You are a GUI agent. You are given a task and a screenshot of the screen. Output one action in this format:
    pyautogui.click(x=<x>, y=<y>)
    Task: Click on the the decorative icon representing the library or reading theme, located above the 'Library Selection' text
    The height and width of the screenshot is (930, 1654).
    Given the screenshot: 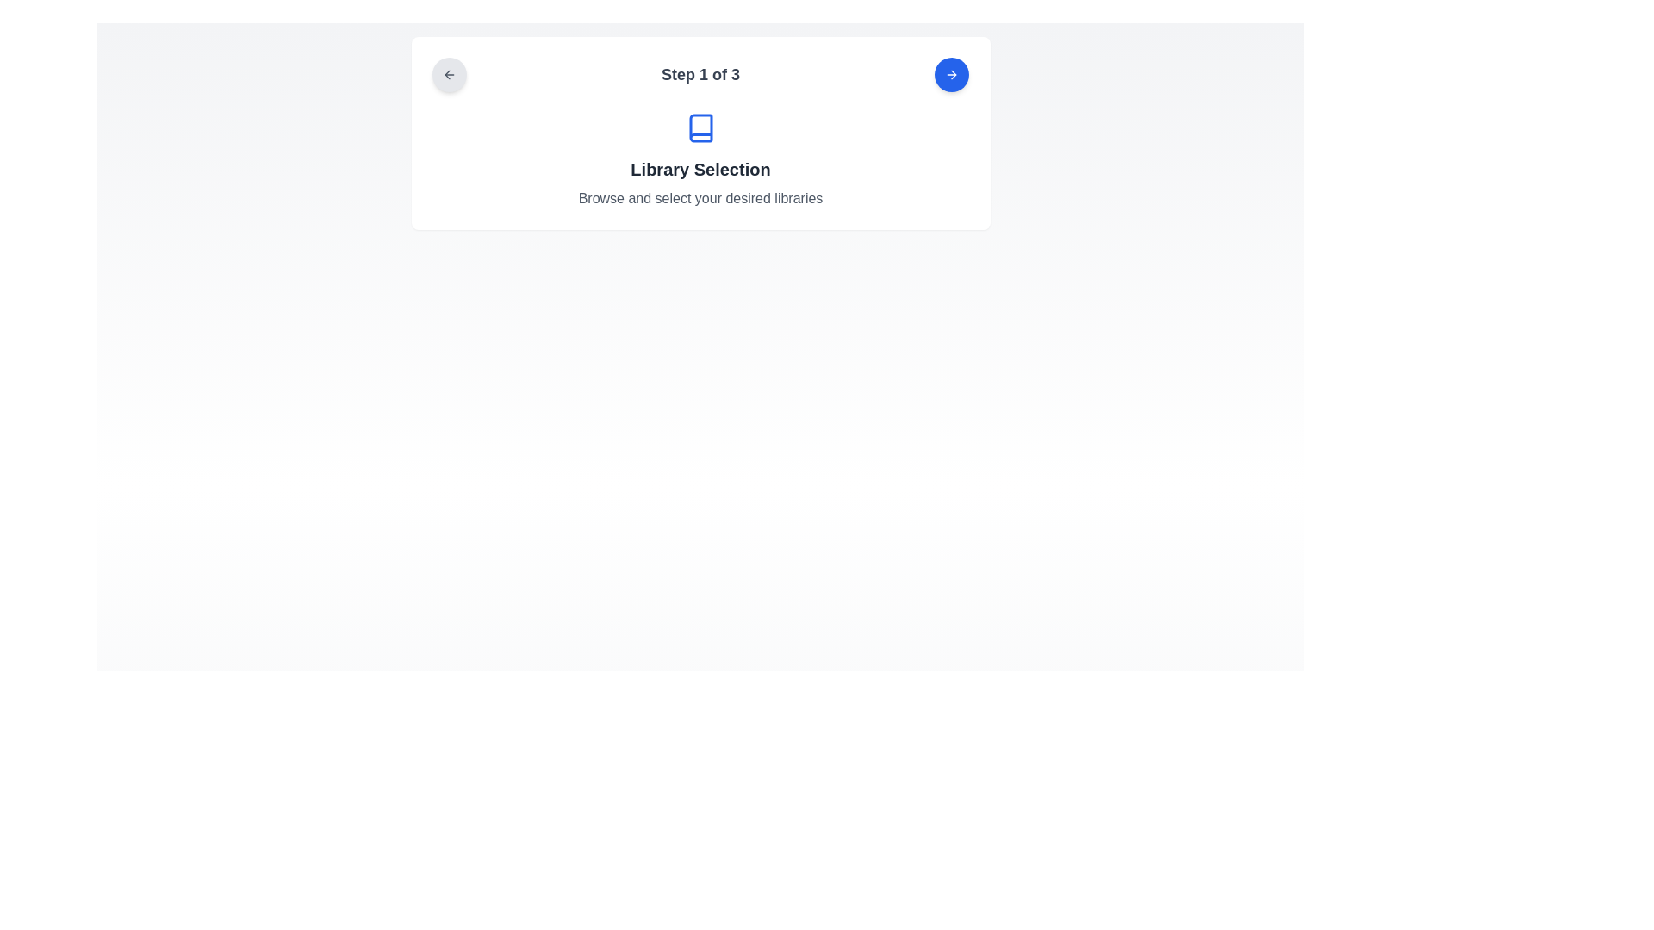 What is the action you would take?
    pyautogui.click(x=700, y=127)
    